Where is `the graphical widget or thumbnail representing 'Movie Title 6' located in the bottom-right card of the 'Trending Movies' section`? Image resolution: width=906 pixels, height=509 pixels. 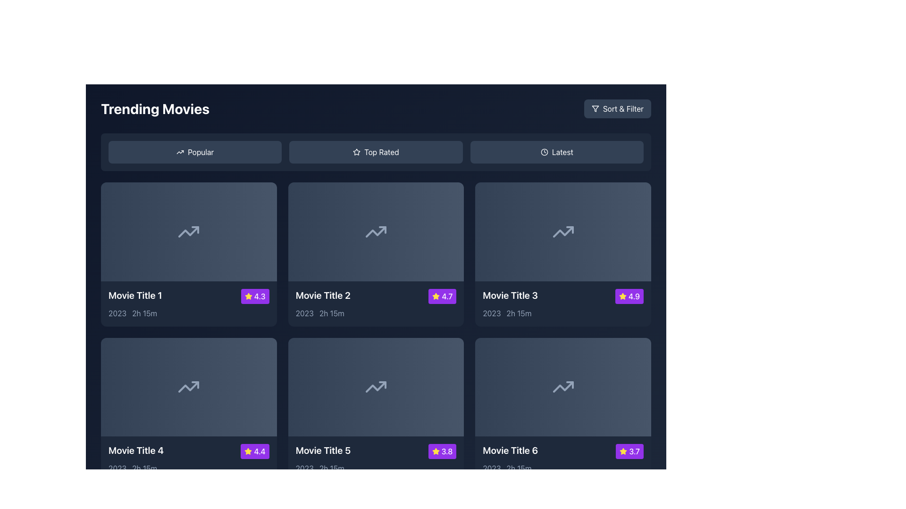 the graphical widget or thumbnail representing 'Movie Title 6' located in the bottom-right card of the 'Trending Movies' section is located at coordinates (563, 387).